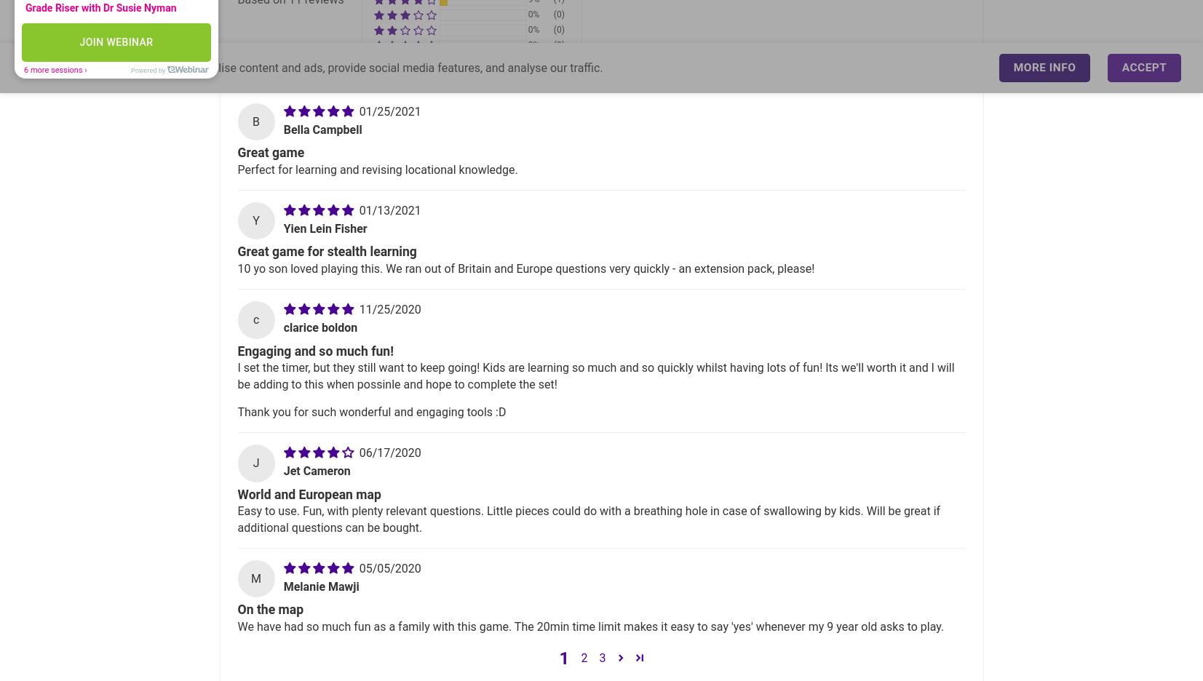 Image resolution: width=1203 pixels, height=681 pixels. I want to click on 'Y', so click(255, 220).